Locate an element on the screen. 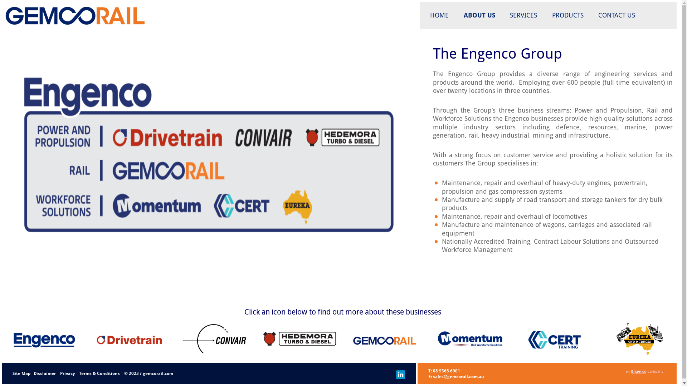 This screenshot has height=386, width=687. 'E: sales@gemcorail.com.au' is located at coordinates (456, 376).